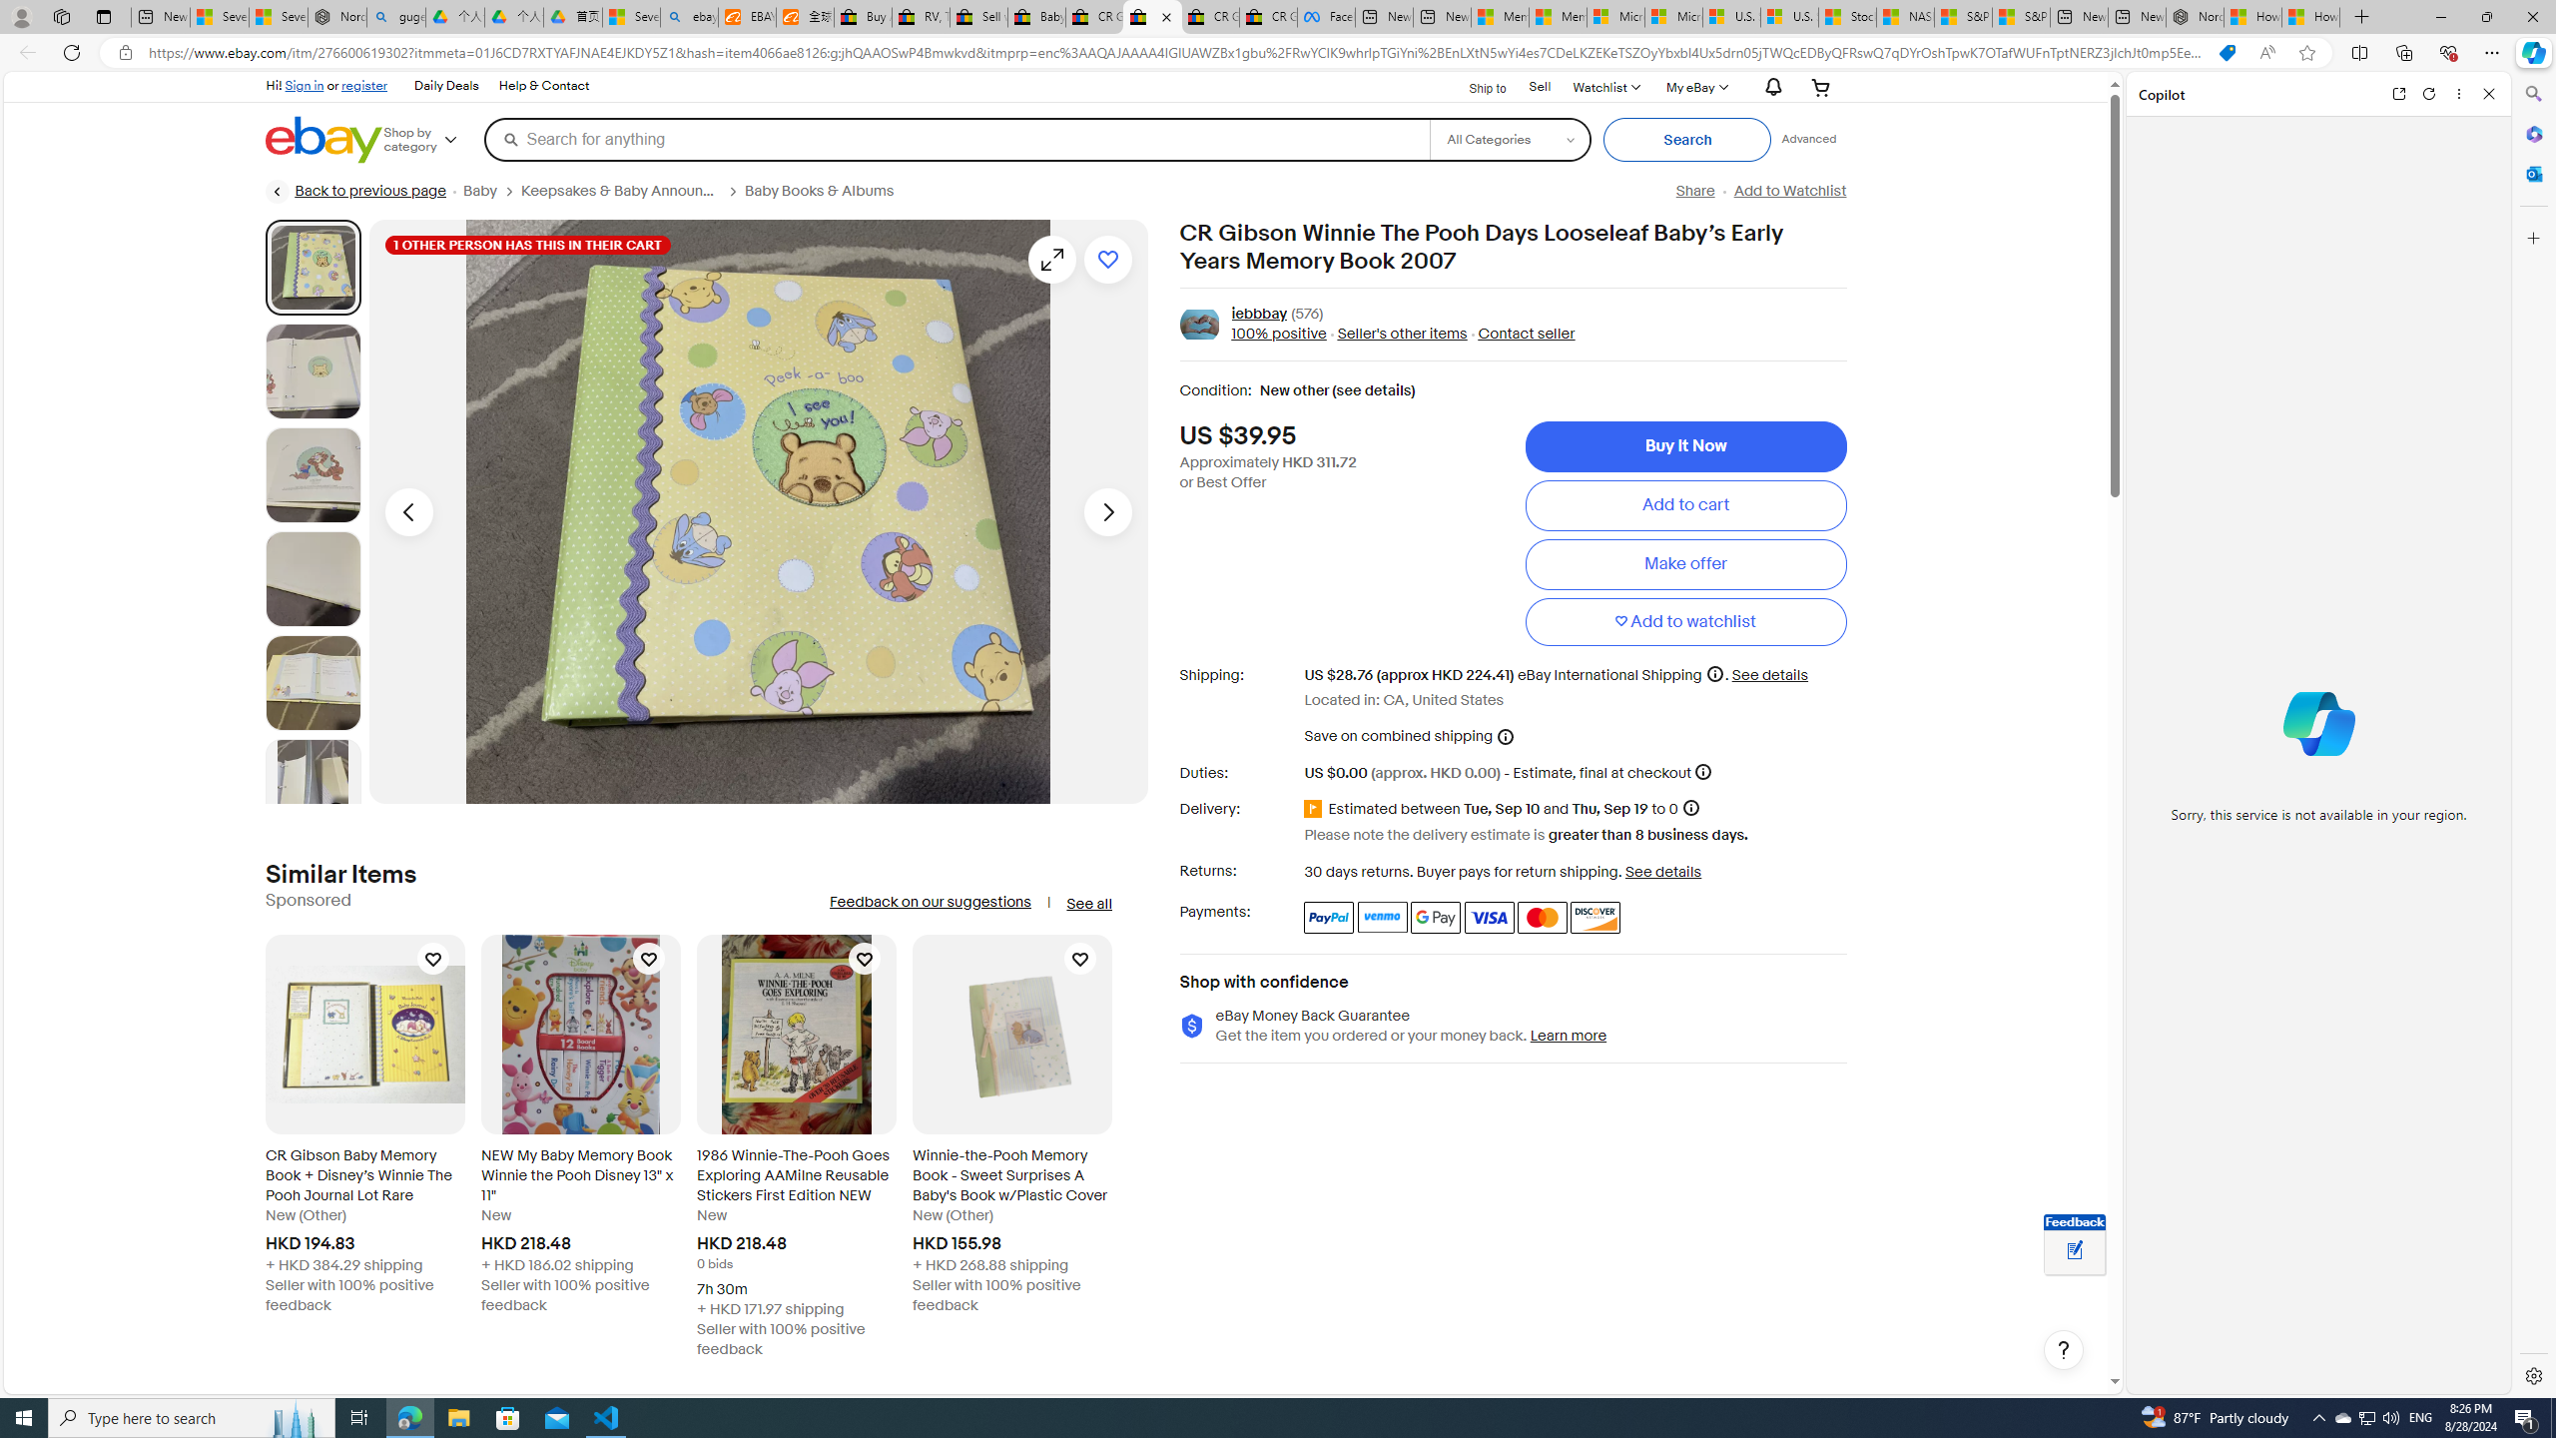  What do you see at coordinates (1603, 87) in the screenshot?
I see `'Watchlist'` at bounding box center [1603, 87].